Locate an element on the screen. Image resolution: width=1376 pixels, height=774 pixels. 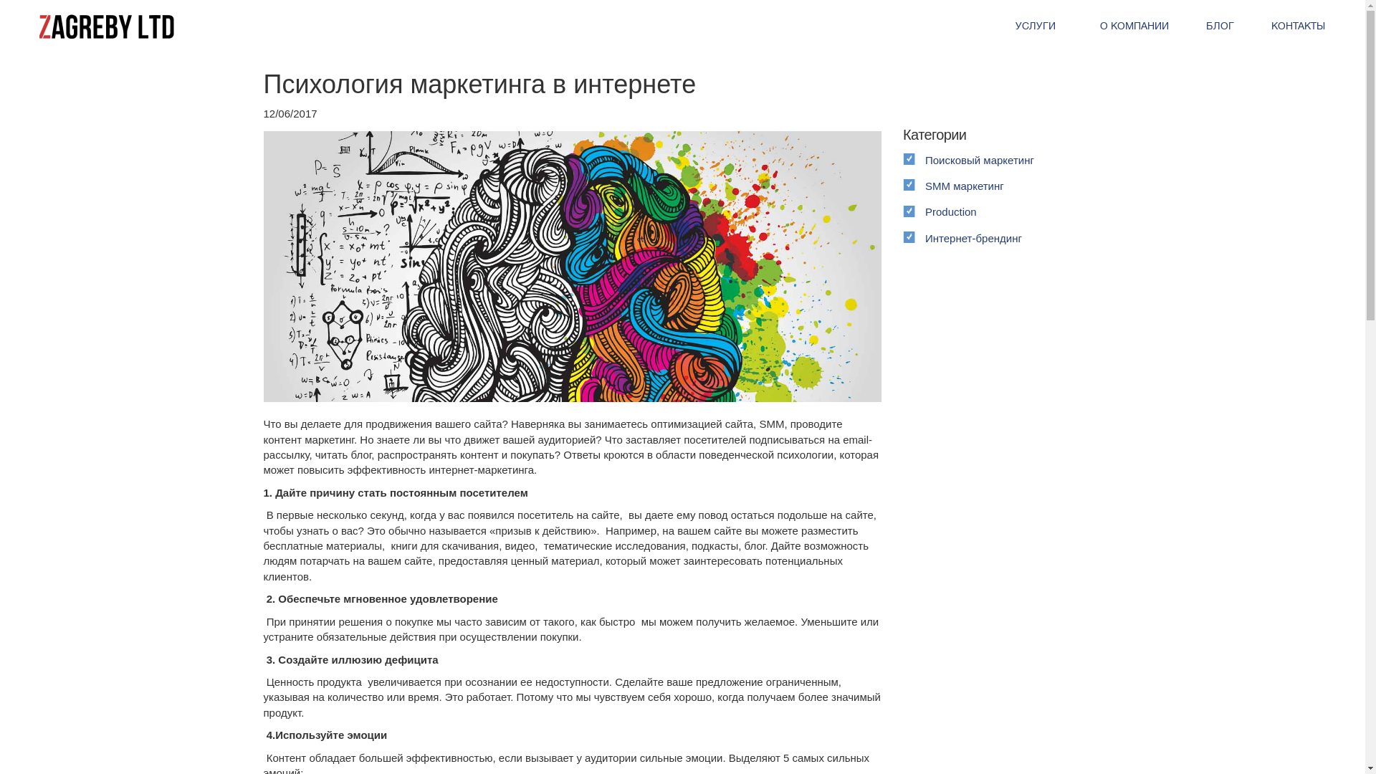
'Production' is located at coordinates (902, 211).